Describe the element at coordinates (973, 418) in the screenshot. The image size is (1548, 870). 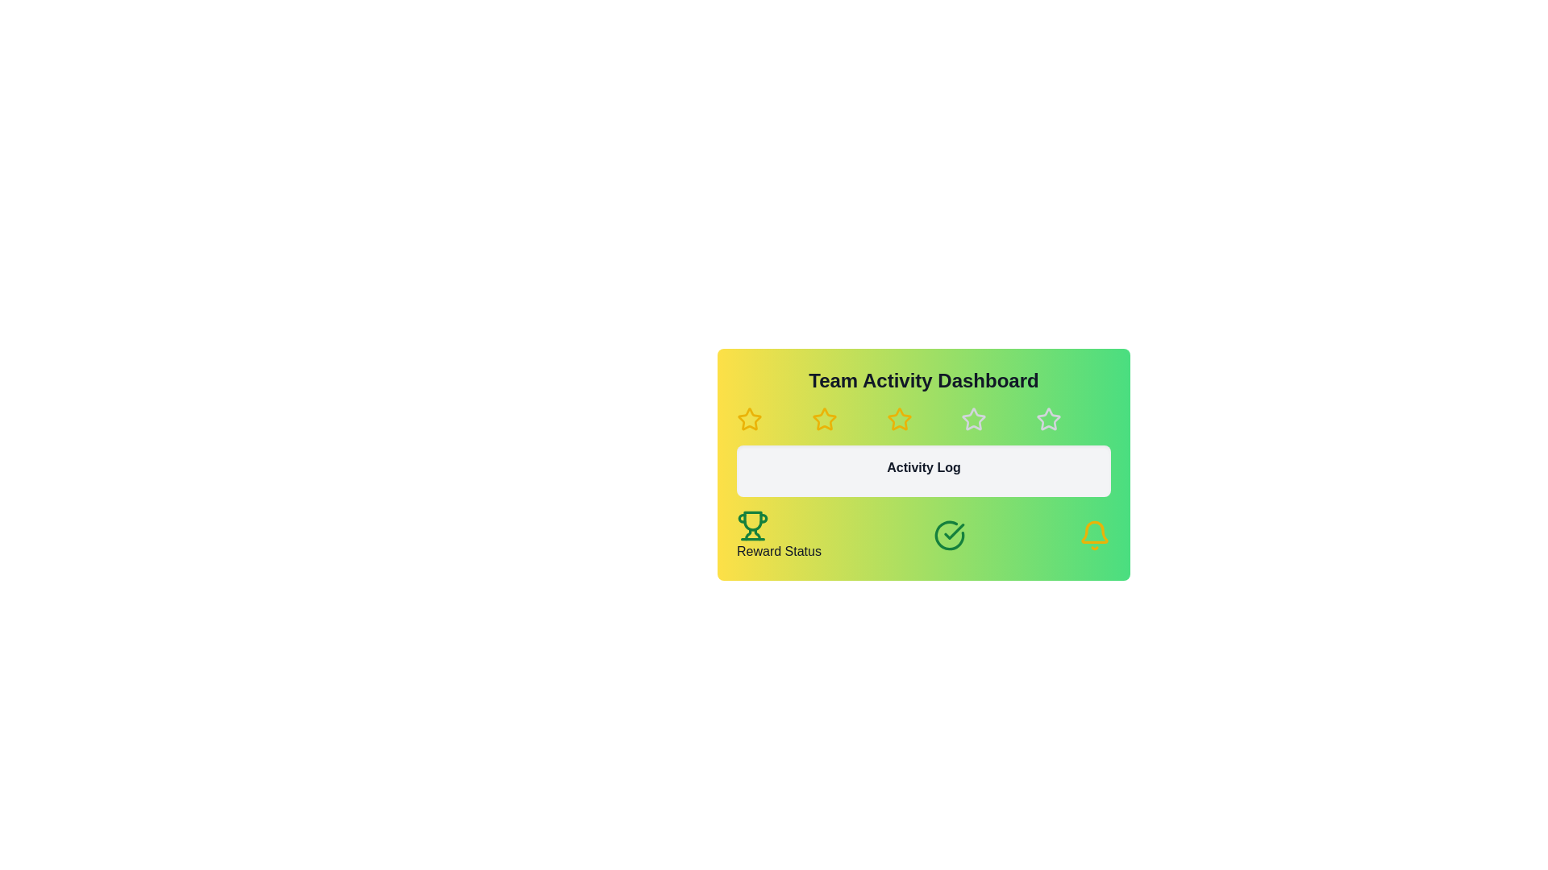
I see `the fourth star-shaped icon with a light green tint and white outline` at that location.